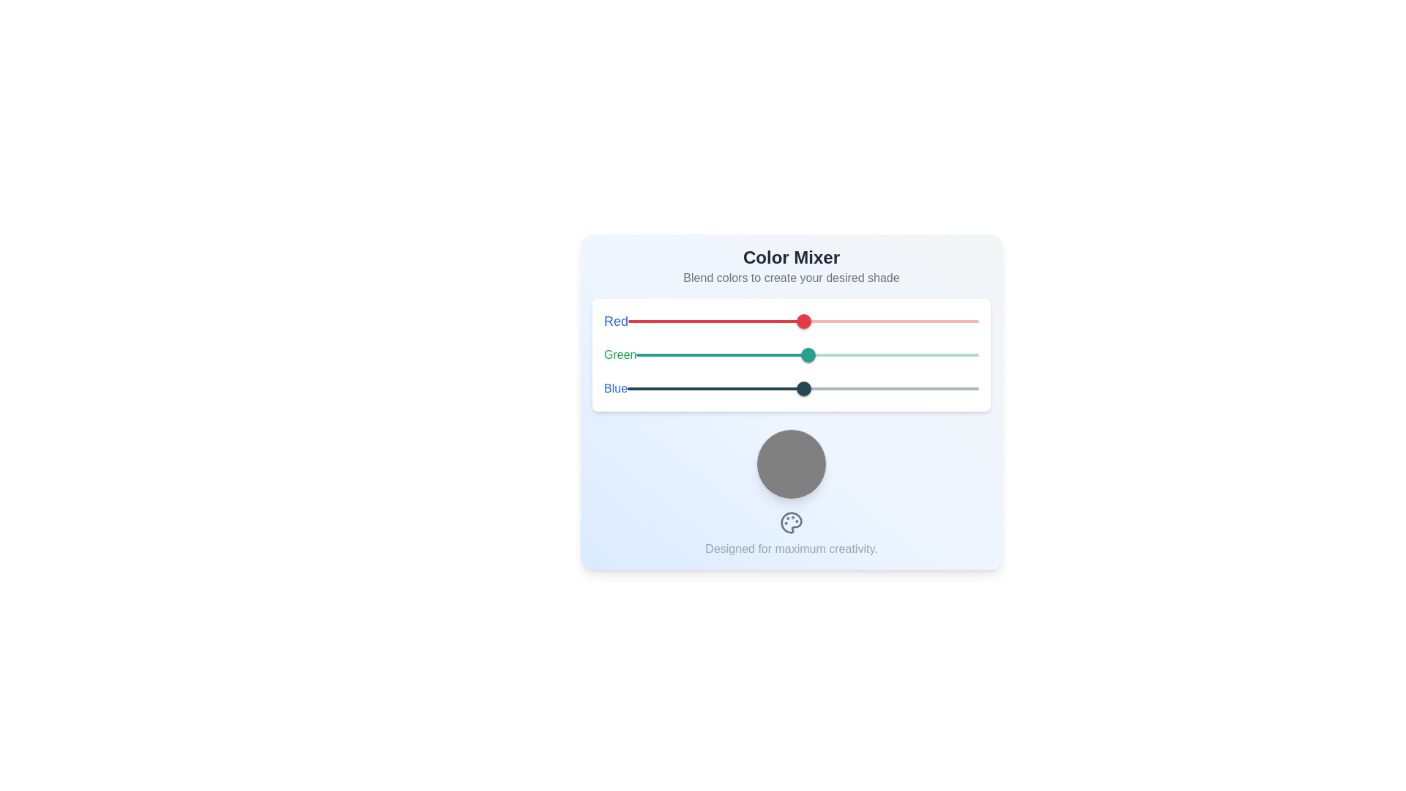 This screenshot has height=791, width=1406. Describe the element at coordinates (847, 388) in the screenshot. I see `the Blue channel` at that location.